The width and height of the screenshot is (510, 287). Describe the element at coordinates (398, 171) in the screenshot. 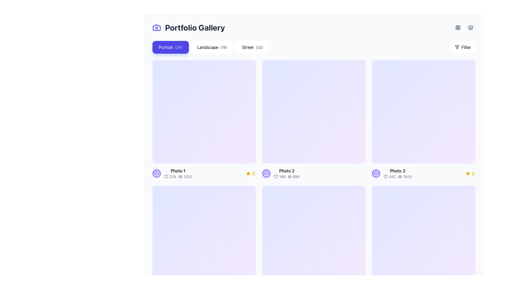

I see `the title text located at the bottom of the third photo card in the second row of the grid layout` at that location.